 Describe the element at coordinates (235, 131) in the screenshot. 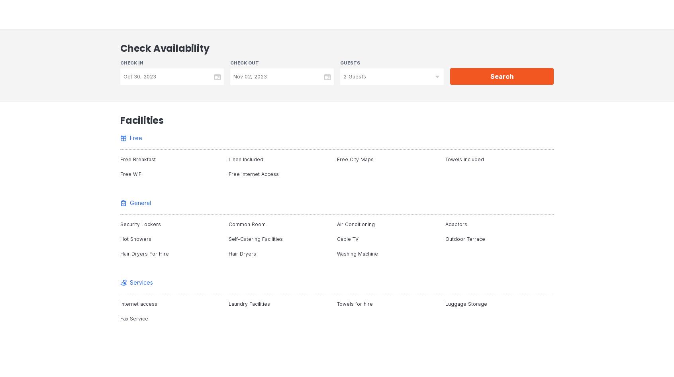

I see `'-7 days prior to arrival:  No cancellation fee'` at that location.